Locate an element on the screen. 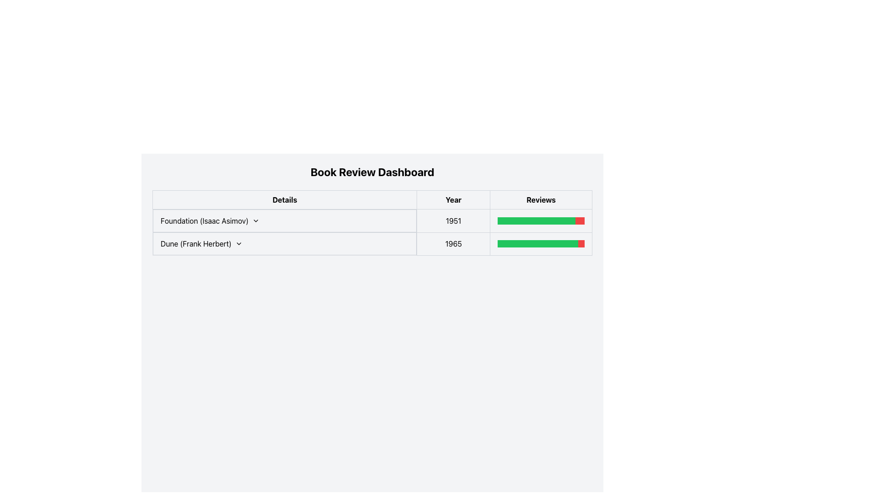 The image size is (879, 494). the visual progress indication of the progress bar in the 'Reviews' column for the book 'Foundation (Isaac Asimov)', which aligns with the '1951' entry in the 'Year' column is located at coordinates (541, 220).